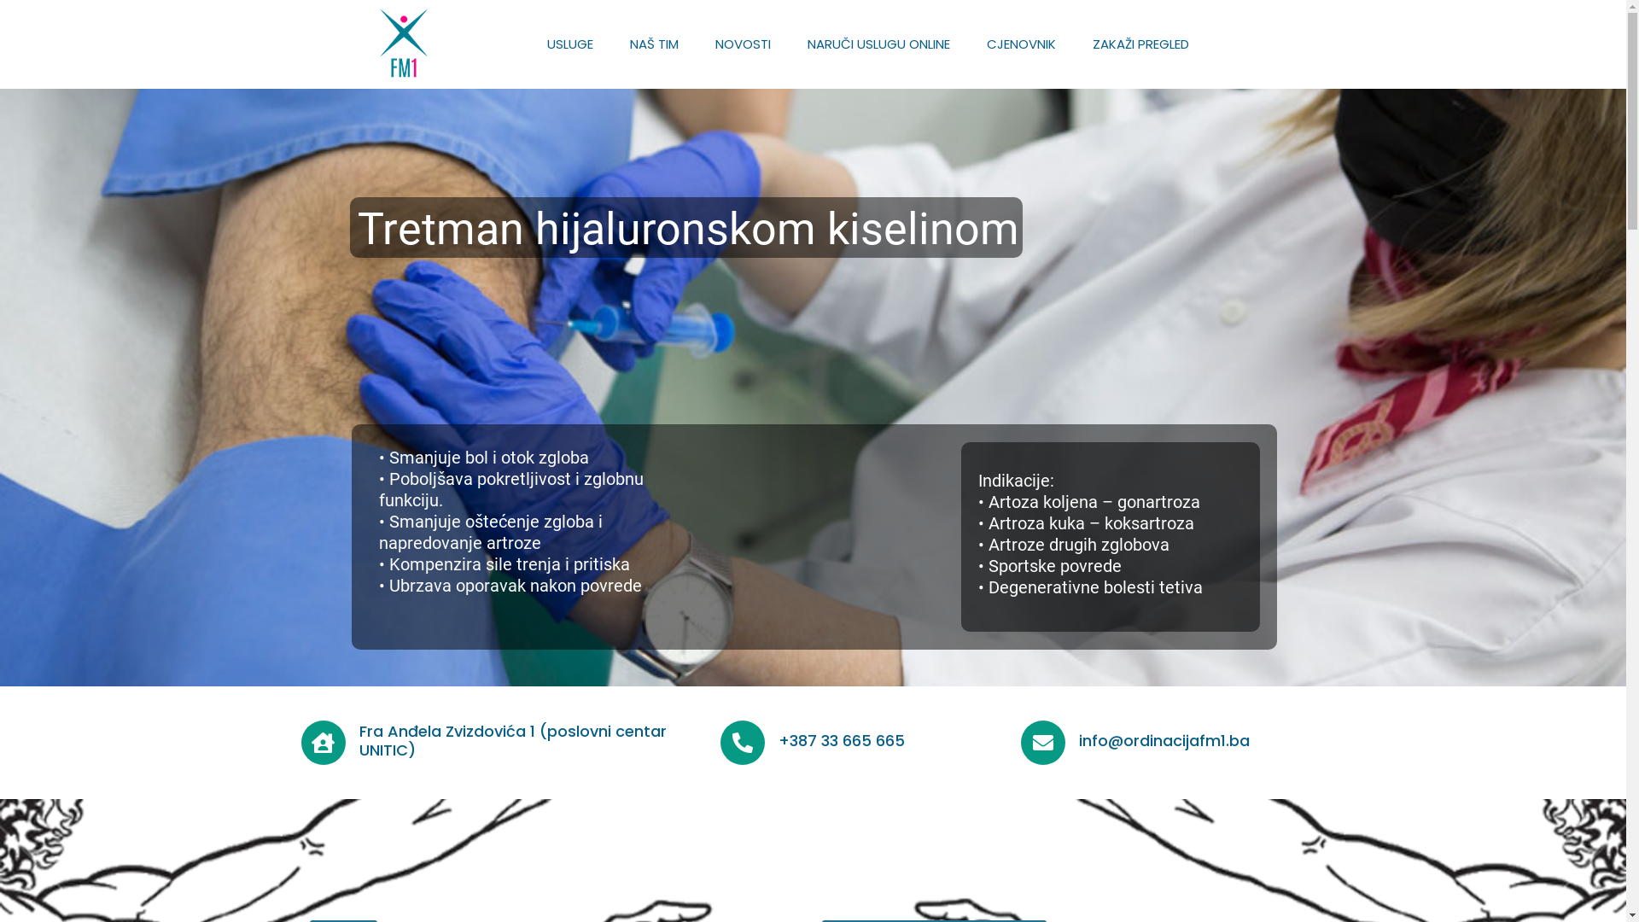  Describe the element at coordinates (743, 43) in the screenshot. I see `'NOVOSTI'` at that location.